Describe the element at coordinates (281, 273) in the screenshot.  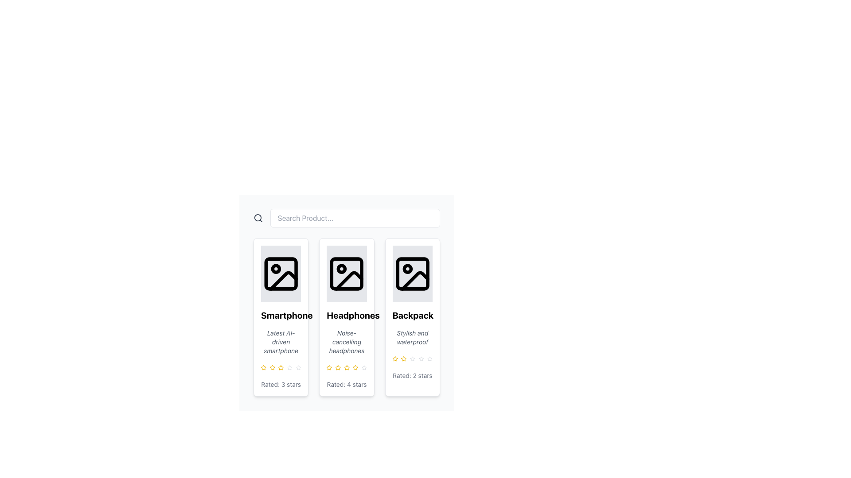
I see `the image placeholder representing the smartphone in the product card layout for more information` at that location.